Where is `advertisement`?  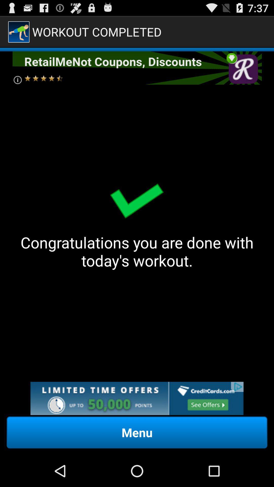
advertisement is located at coordinates (137, 398).